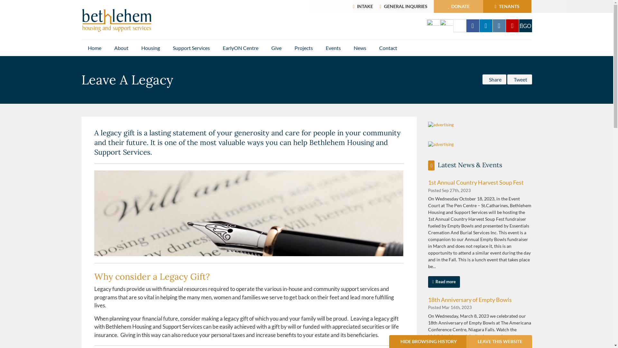  Describe the element at coordinates (470, 299) in the screenshot. I see `'18th Anniversary of Empty Bowls'` at that location.